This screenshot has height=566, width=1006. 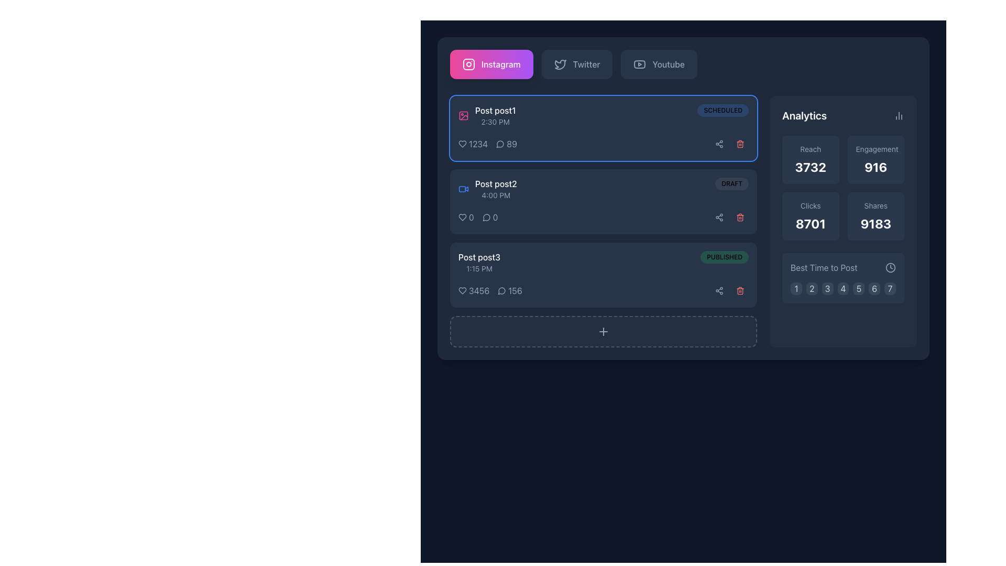 I want to click on the share button icon located in the bottom row of action buttons, adjacent to the 'Post post3 - 1:15 PM' post, so click(x=718, y=291).